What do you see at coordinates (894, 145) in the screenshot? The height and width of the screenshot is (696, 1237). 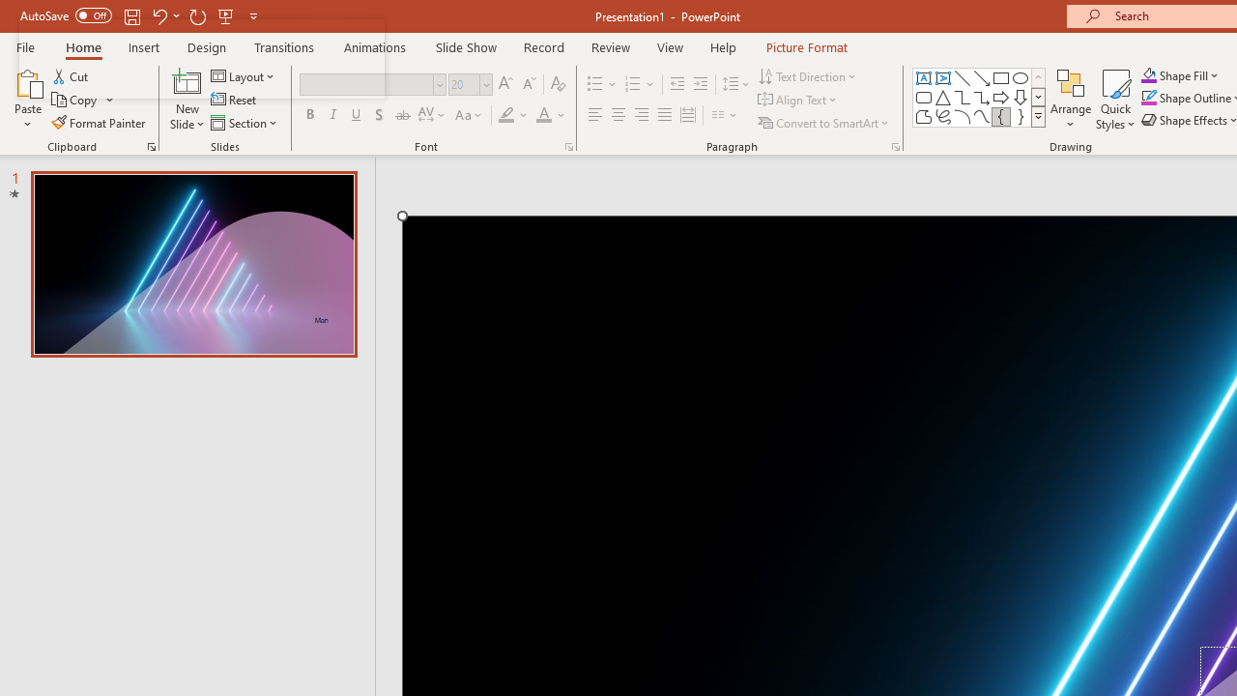 I see `'Paragraph...'` at bounding box center [894, 145].